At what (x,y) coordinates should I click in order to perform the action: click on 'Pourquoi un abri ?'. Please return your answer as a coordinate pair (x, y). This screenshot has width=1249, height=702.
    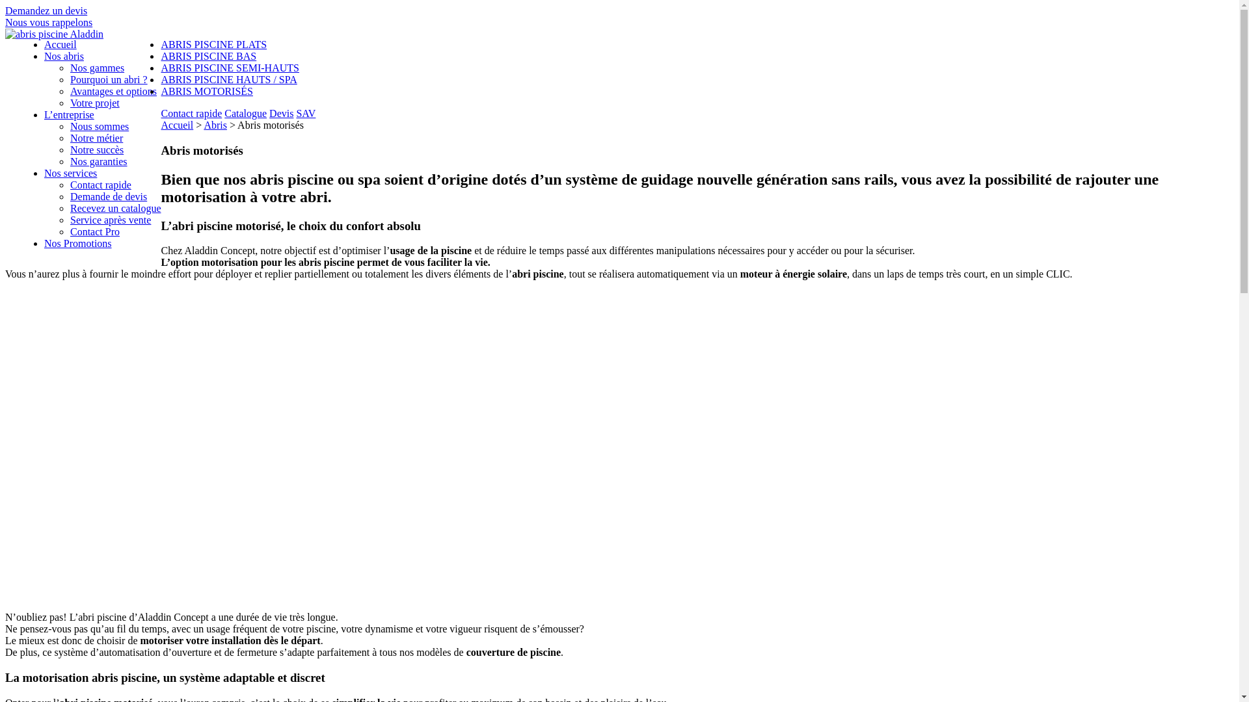
    Looking at the image, I should click on (109, 79).